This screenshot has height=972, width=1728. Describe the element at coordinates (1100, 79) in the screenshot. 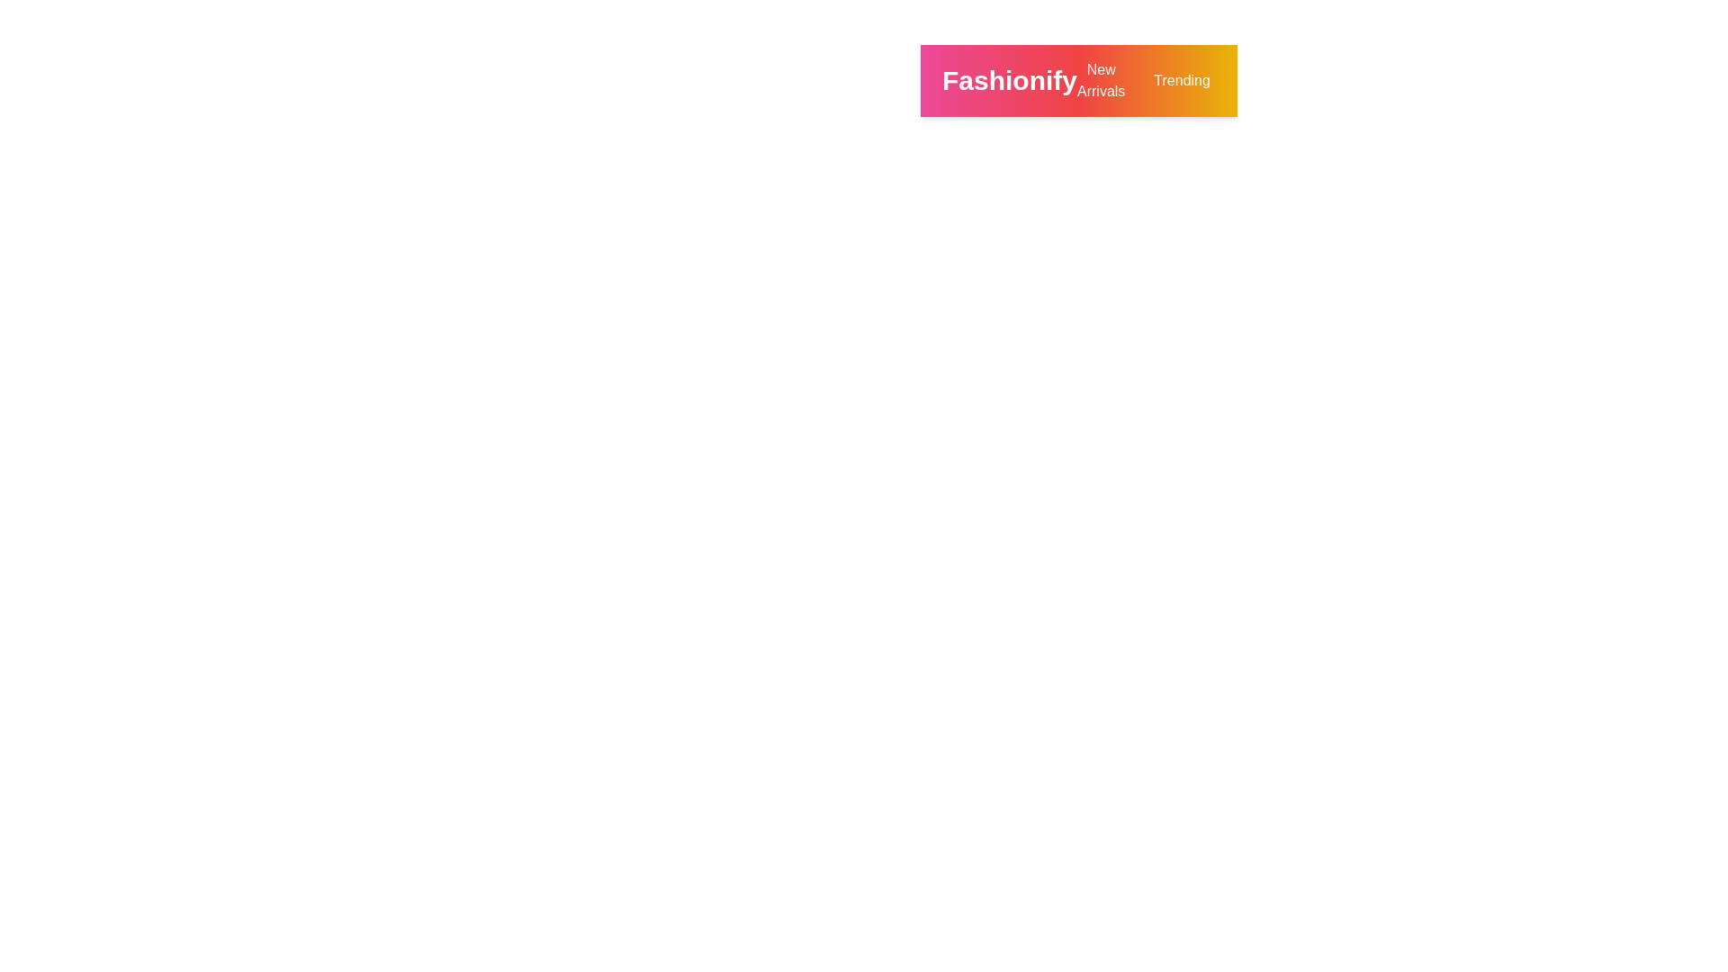

I see `the 'New Arrivals' button to view the newest products` at that location.